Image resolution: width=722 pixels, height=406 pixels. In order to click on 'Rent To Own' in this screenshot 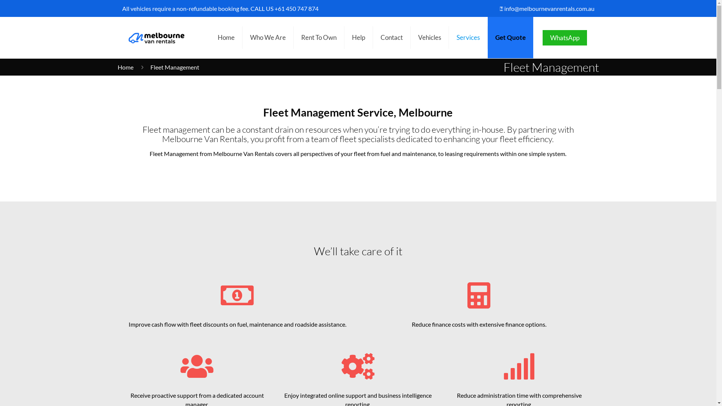, I will do `click(293, 38)`.